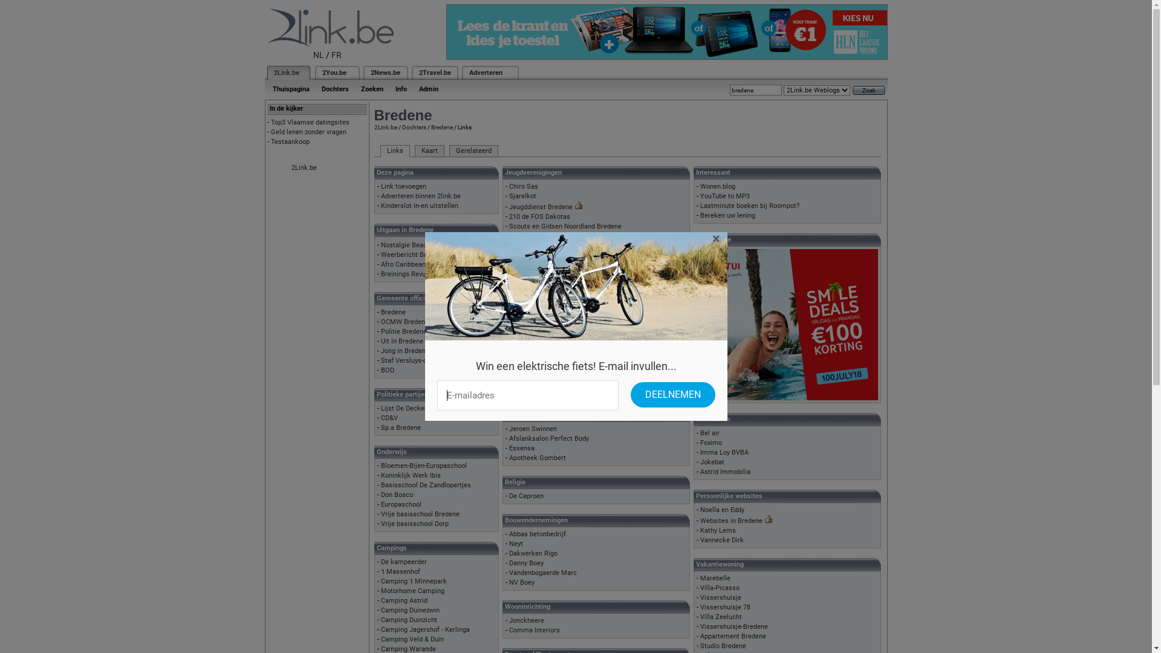 This screenshot has height=653, width=1161. Describe the element at coordinates (539, 216) in the screenshot. I see `'210 de FOS Dakotas'` at that location.